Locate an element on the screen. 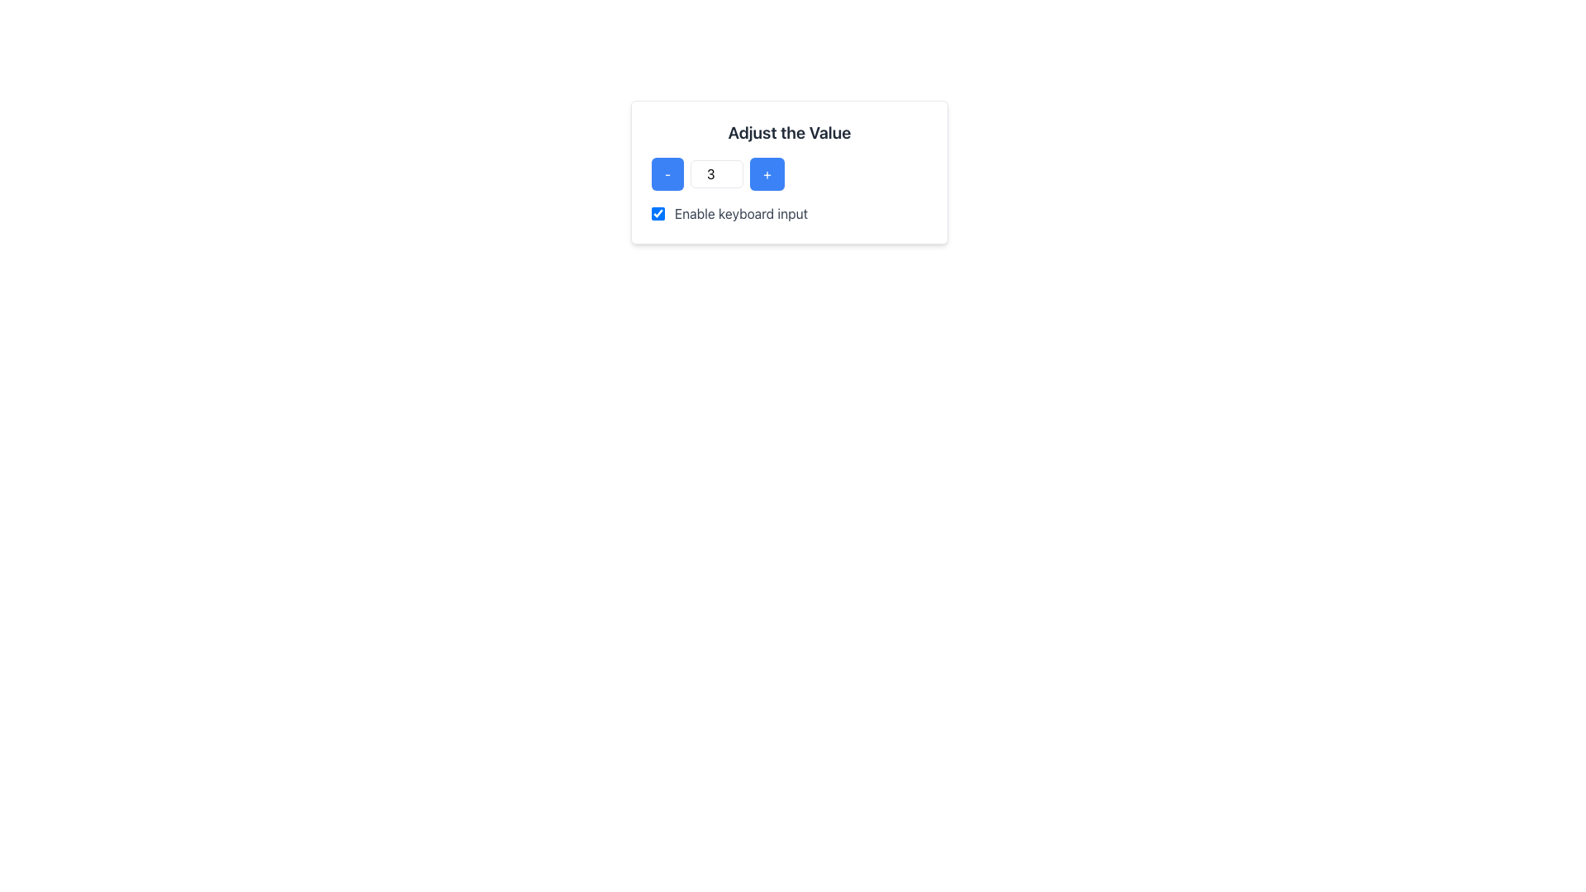  the label 'Enable keyboard input' next to the active blue checkbox at the bottom of the 'Adjust the Value' card for additional information is located at coordinates (788, 212).